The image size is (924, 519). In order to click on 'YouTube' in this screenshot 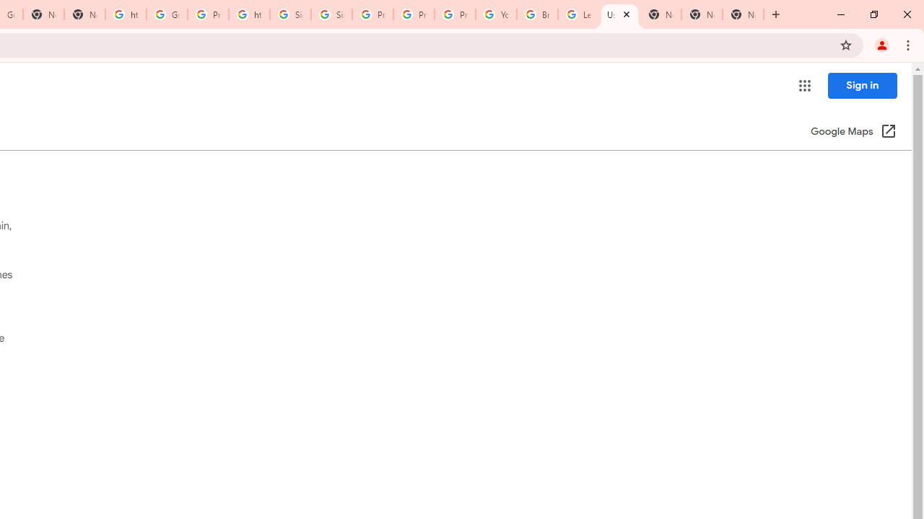, I will do `click(496, 14)`.